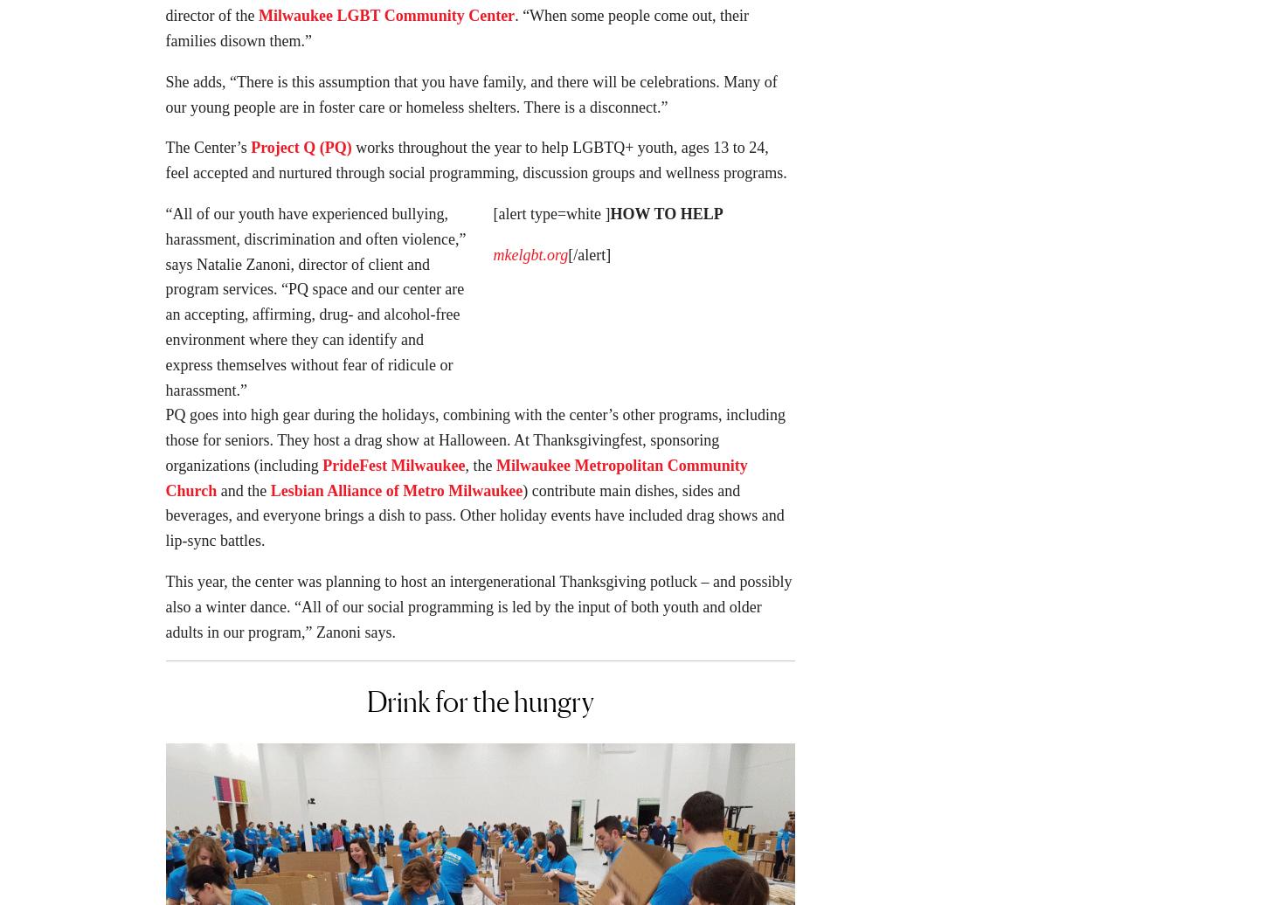  I want to click on '[alert type=white ]', so click(550, 219).